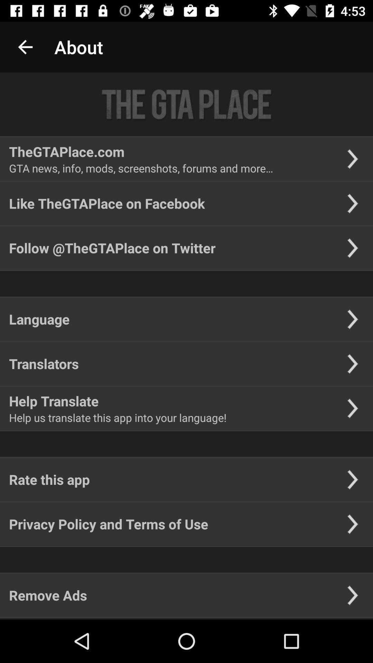  Describe the element at coordinates (44, 363) in the screenshot. I see `the icon below language` at that location.